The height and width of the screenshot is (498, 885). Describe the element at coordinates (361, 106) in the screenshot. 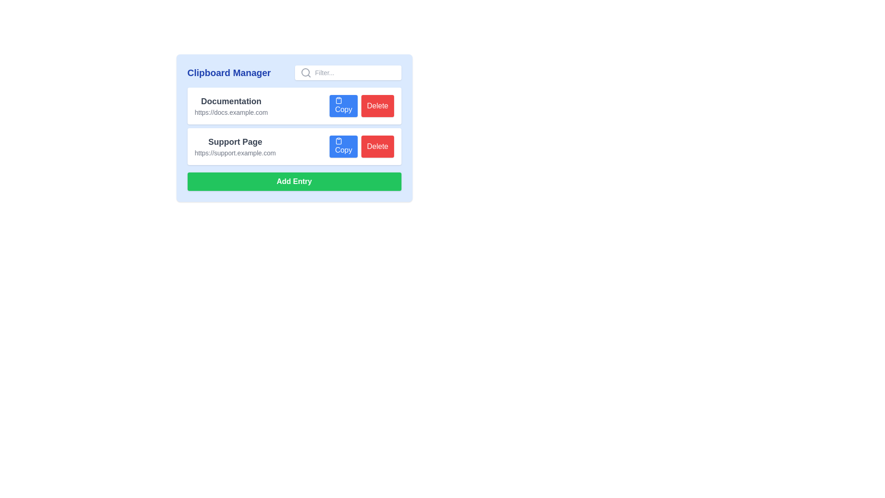

I see `the button group containing the 'Copy' and 'Delete' buttons, which are styled with blue and red backgrounds respectively, to interact with their hover effects` at that location.